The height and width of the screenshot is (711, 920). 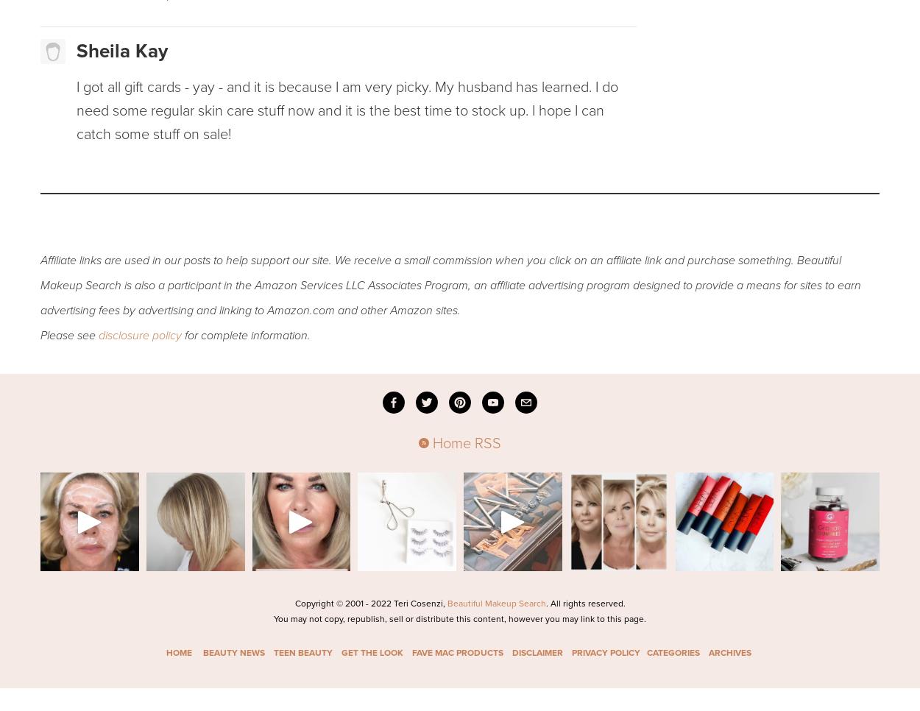 What do you see at coordinates (647, 652) in the screenshot?
I see `'CATEGORIES'` at bounding box center [647, 652].